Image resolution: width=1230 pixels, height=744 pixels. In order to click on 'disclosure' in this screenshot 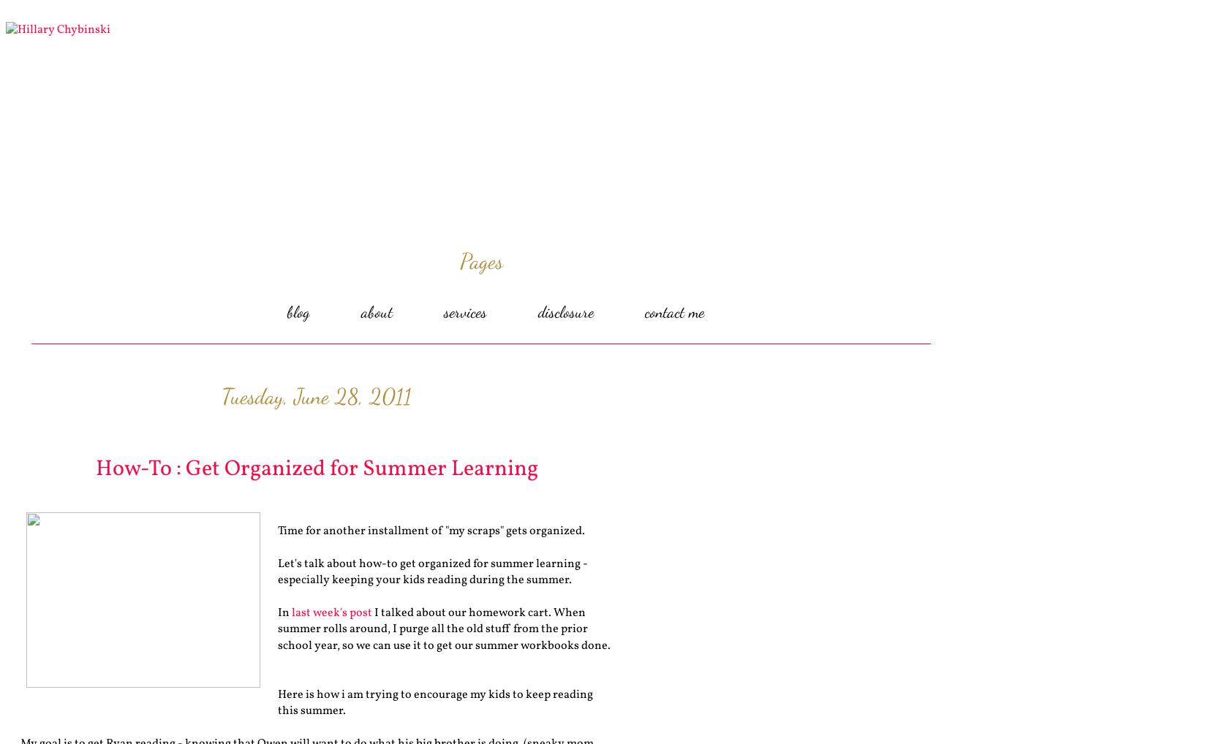, I will do `click(537, 311)`.